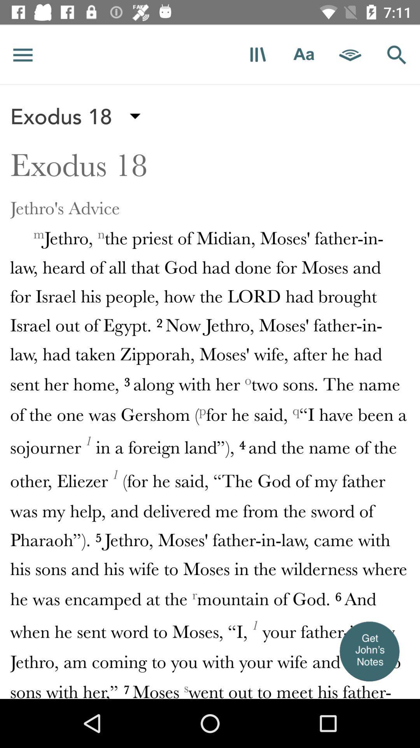 This screenshot has height=748, width=420. Describe the element at coordinates (303, 54) in the screenshot. I see `font options` at that location.